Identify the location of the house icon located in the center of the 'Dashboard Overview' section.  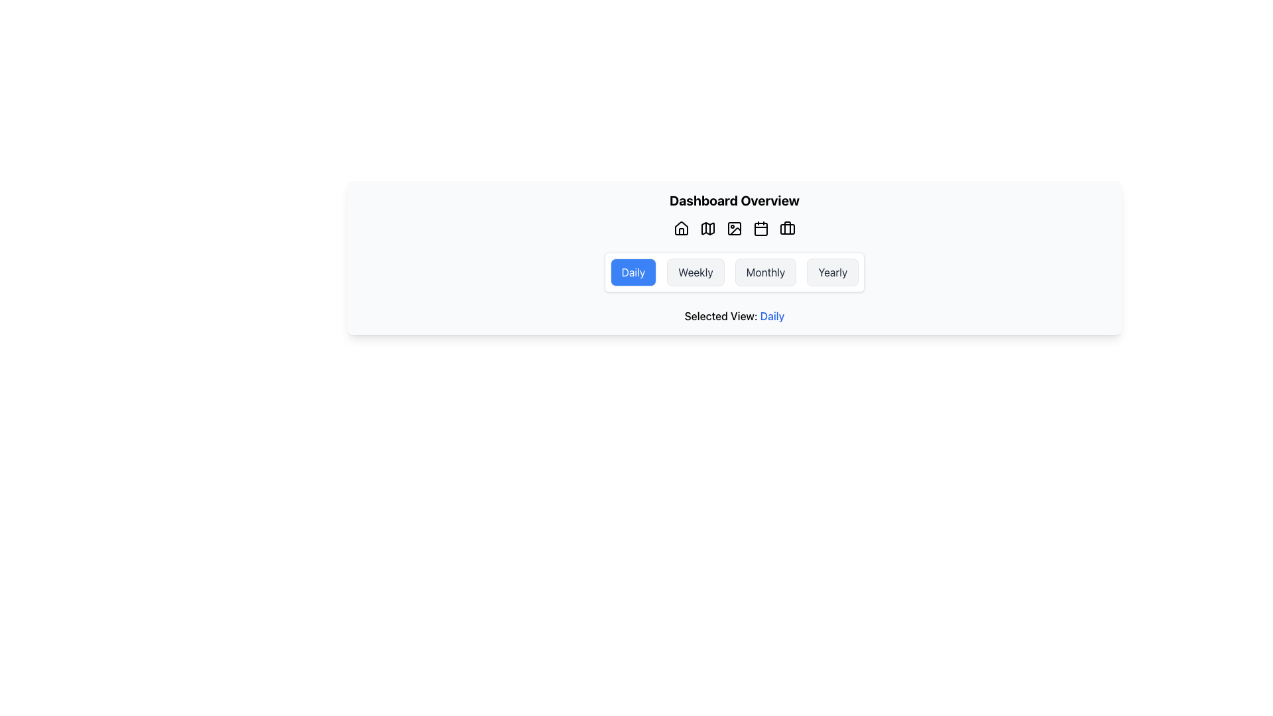
(681, 227).